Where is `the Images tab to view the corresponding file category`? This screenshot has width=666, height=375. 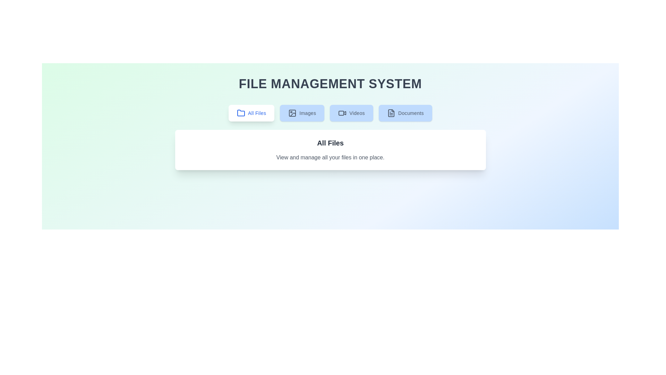 the Images tab to view the corresponding file category is located at coordinates (302, 113).